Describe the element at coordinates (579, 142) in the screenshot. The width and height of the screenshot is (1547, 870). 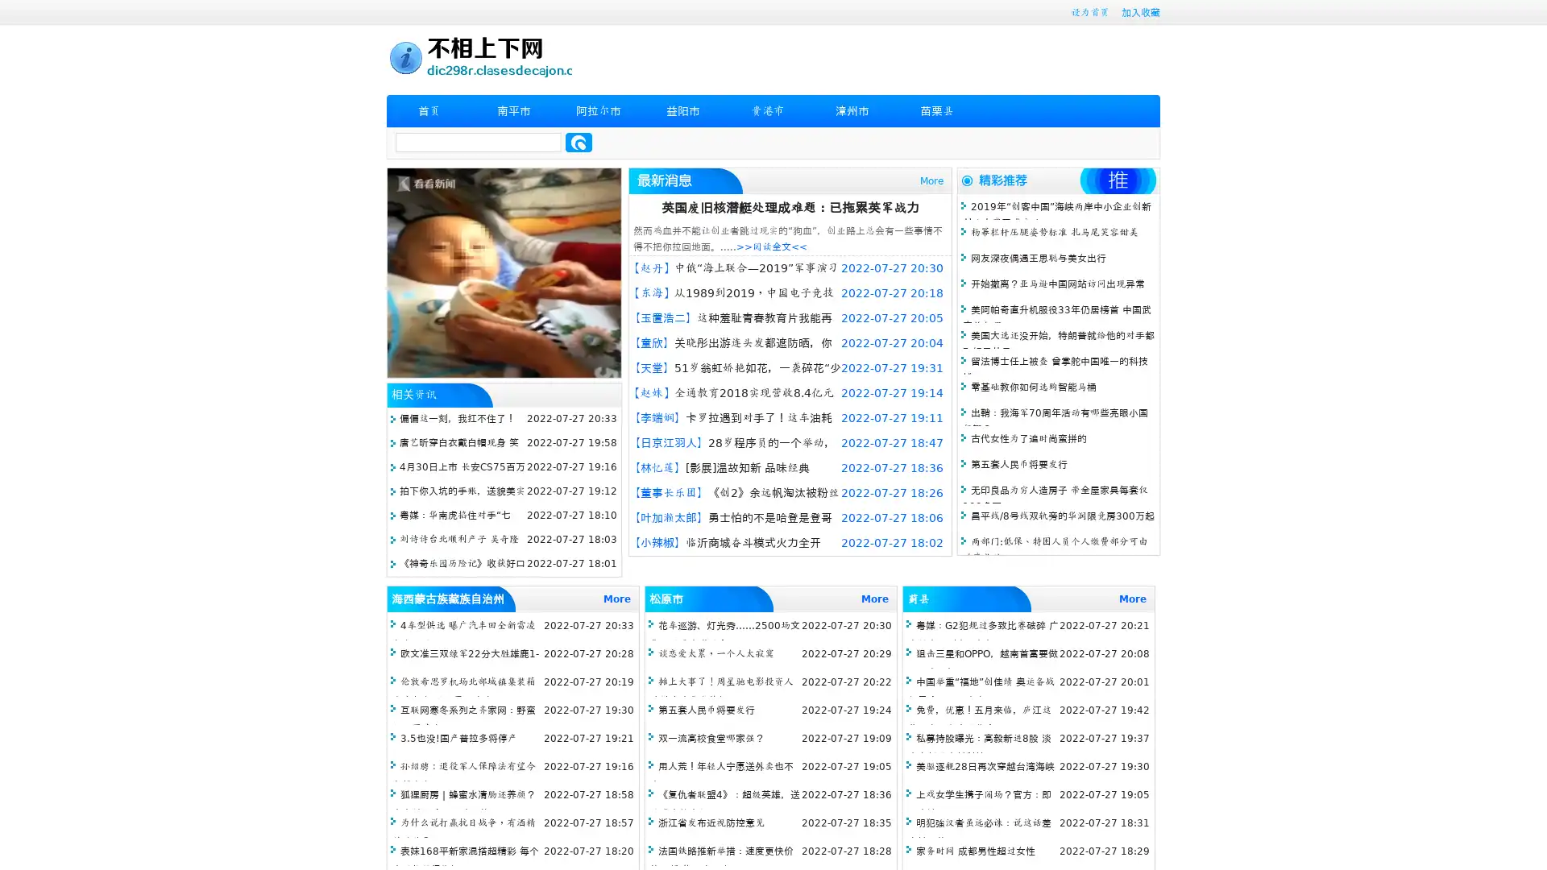
I see `Search` at that location.